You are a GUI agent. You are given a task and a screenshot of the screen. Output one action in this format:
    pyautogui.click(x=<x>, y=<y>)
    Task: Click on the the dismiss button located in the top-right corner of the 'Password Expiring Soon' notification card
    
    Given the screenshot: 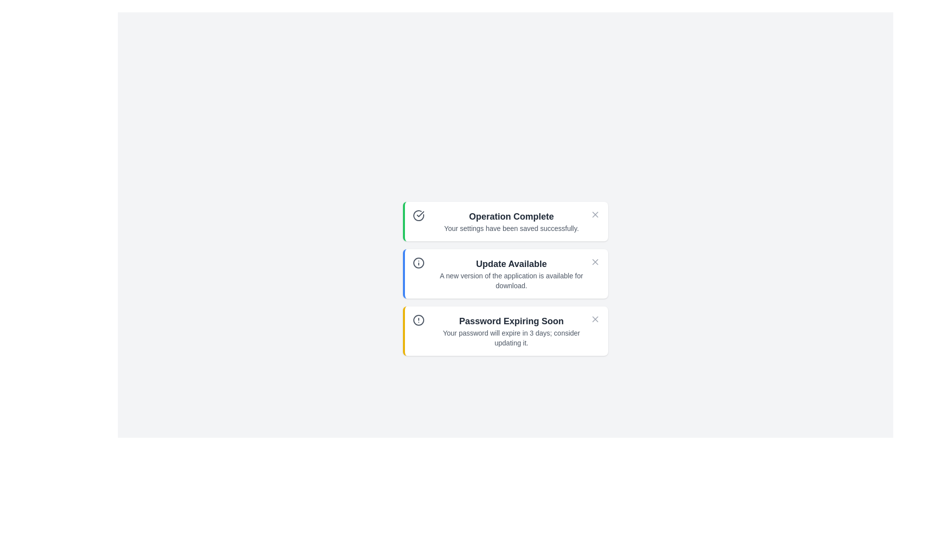 What is the action you would take?
    pyautogui.click(x=594, y=319)
    